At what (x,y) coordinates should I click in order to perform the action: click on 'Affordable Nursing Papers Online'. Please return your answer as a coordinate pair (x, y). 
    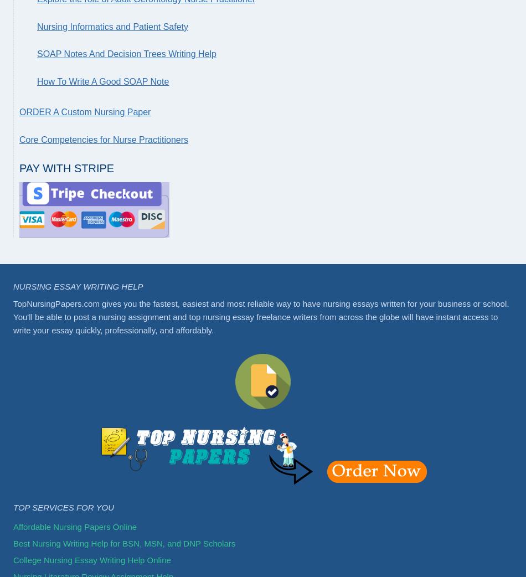
    Looking at the image, I should click on (75, 526).